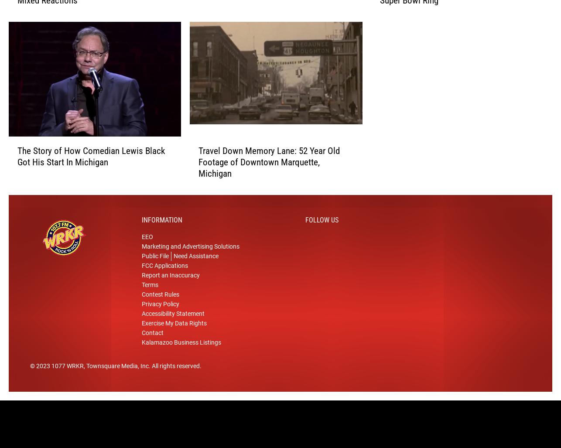  What do you see at coordinates (141, 284) in the screenshot?
I see `'Report an Inaccuracy'` at bounding box center [141, 284].